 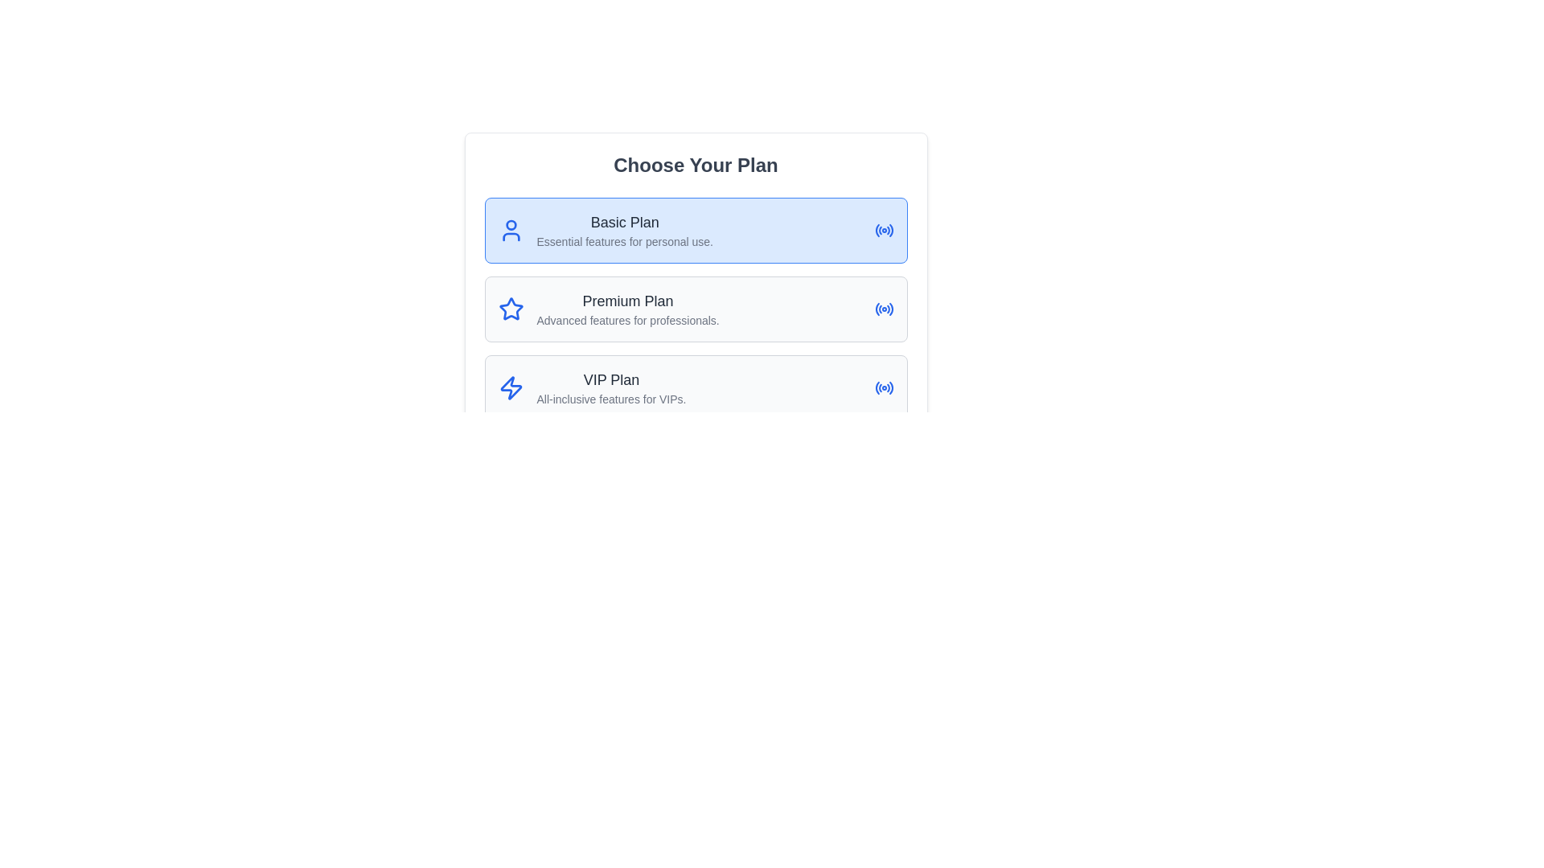 I want to click on the Premium Plan icon that signifies its premium features, located to the left of the 'Premium Plan' title and description, so click(x=510, y=309).